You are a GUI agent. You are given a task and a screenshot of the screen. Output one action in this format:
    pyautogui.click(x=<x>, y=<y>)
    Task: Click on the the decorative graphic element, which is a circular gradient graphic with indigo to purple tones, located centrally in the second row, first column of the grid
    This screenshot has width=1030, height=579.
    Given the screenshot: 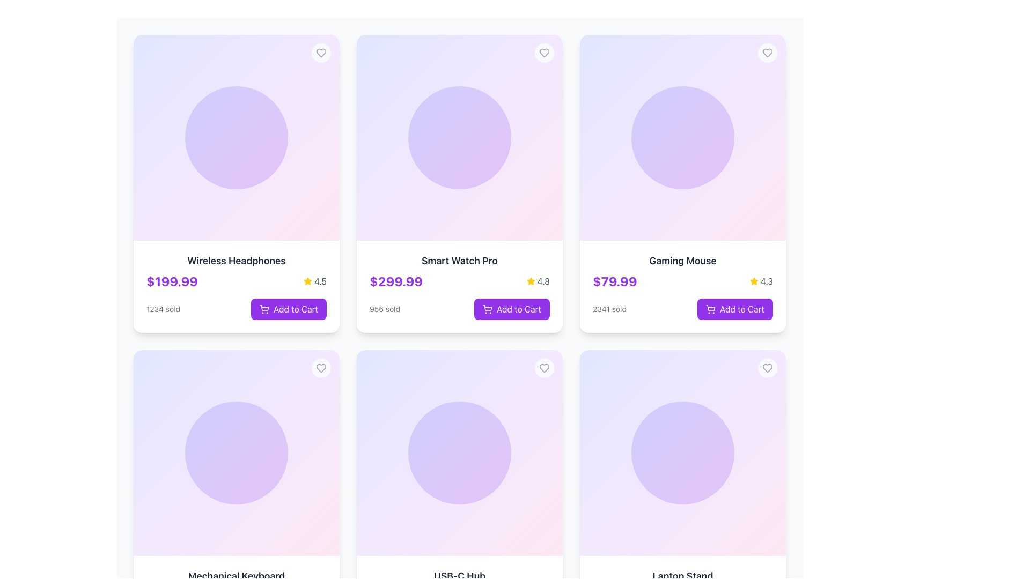 What is the action you would take?
    pyautogui.click(x=460, y=452)
    